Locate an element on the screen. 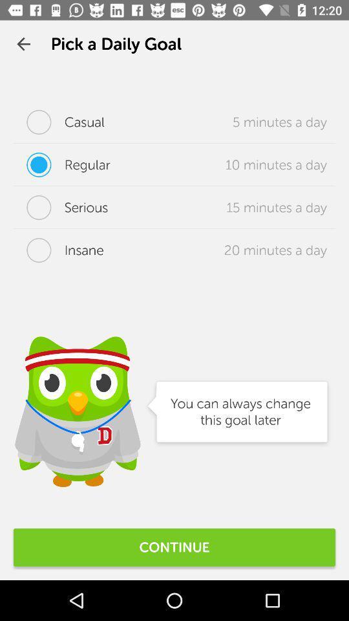 This screenshot has height=621, width=349. icon next to the 15 minutes a item is located at coordinates (60, 208).